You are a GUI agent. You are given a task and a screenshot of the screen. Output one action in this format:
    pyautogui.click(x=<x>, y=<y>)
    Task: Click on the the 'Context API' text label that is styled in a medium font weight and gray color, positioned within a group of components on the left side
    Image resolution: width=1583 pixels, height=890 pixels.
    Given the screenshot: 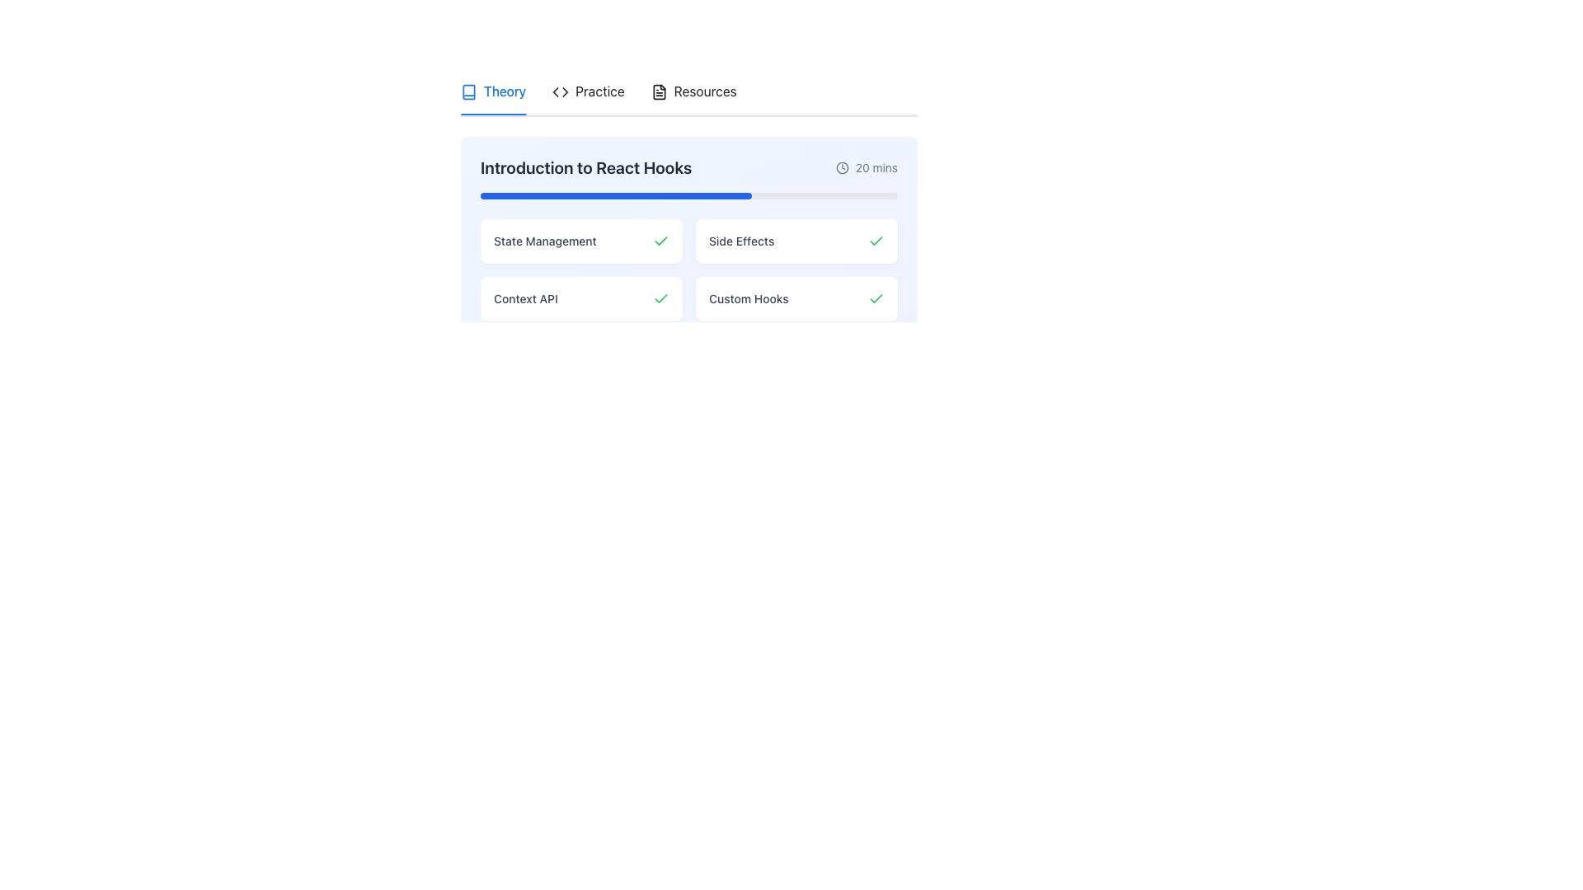 What is the action you would take?
    pyautogui.click(x=525, y=299)
    